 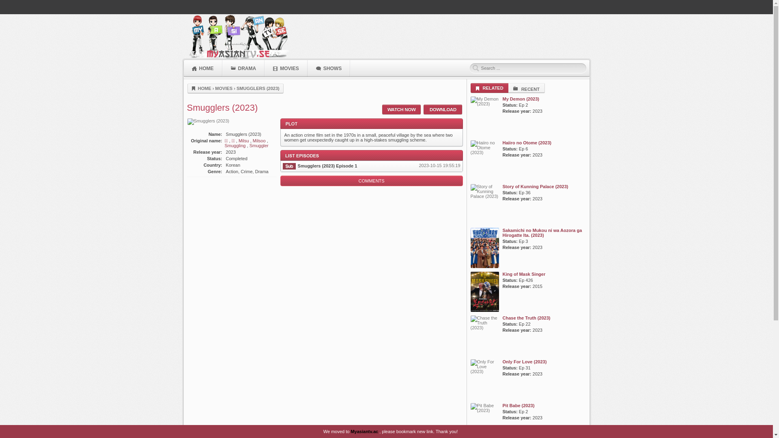 I want to click on 'My Demon (2023)', so click(x=520, y=98).